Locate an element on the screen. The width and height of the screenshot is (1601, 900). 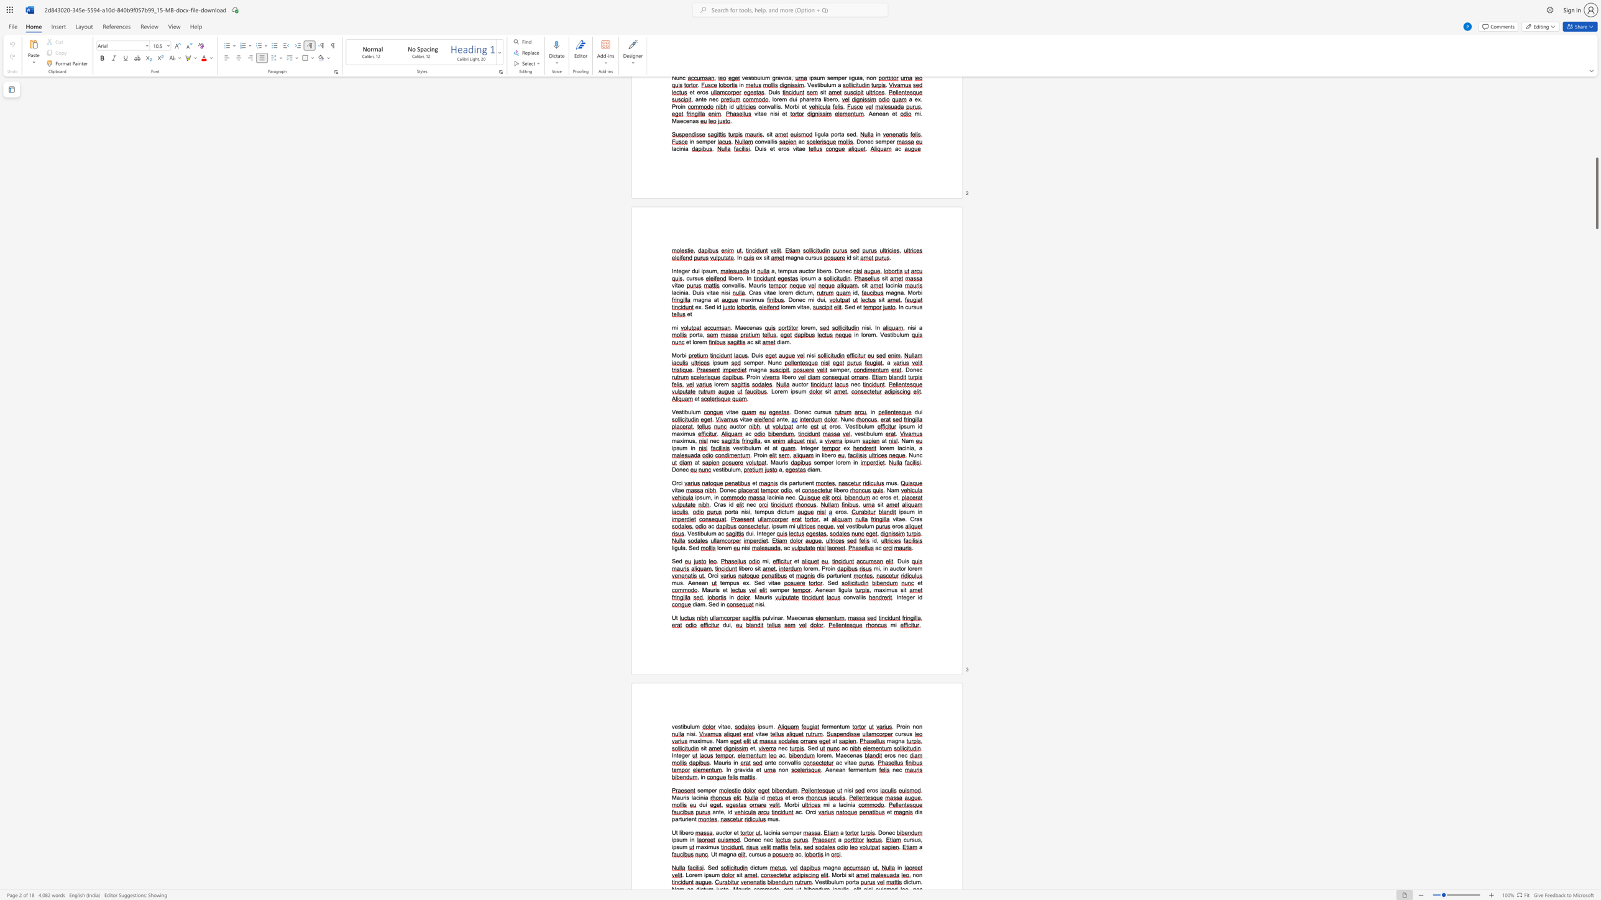
the space between the continuous character "D" and "o" in the text is located at coordinates (748, 839).